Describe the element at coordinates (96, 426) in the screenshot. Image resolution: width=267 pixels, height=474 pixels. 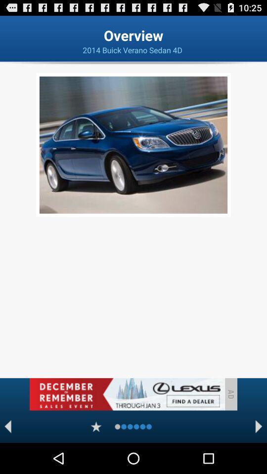
I see `star icon` at that location.